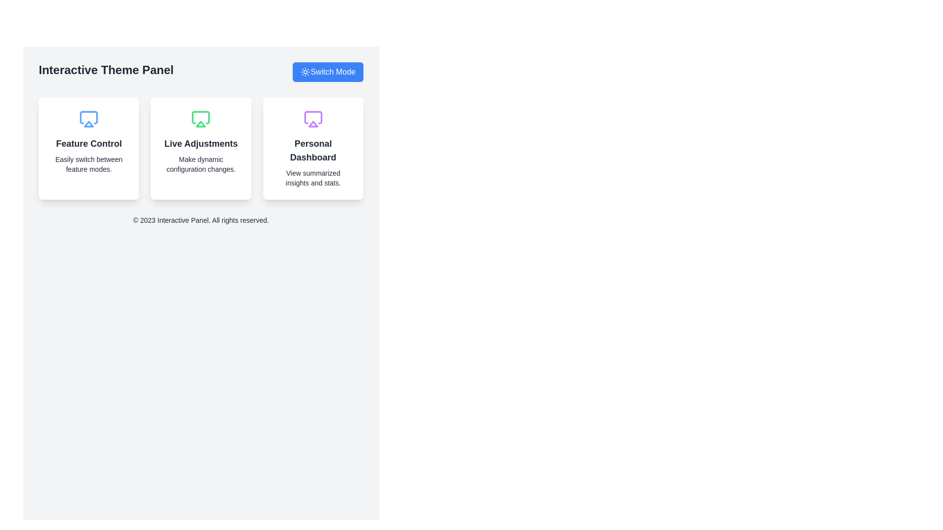  I want to click on the triangular-shaped SVG icon, which is positioned inside a green rectangle and represents a play or display functionality in the interface, so click(200, 124).